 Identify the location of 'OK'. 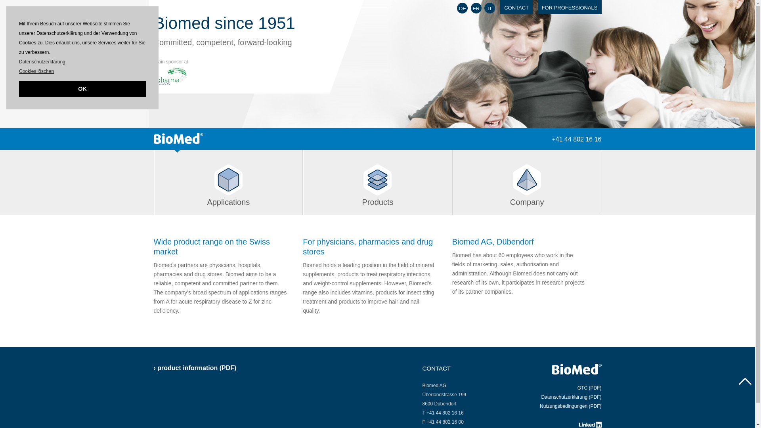
(19, 88).